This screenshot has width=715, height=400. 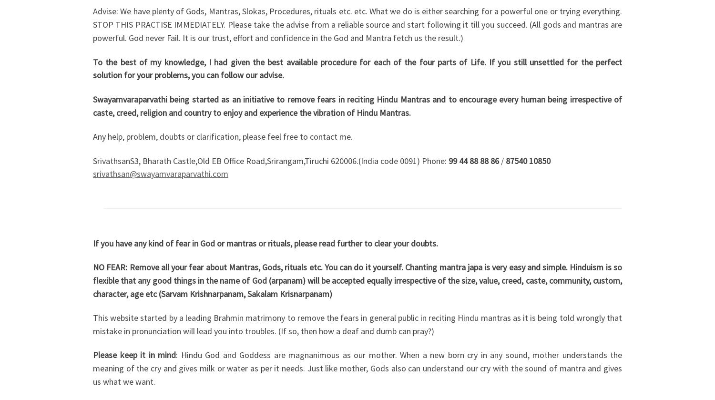 I want to click on '99 44 88 88 86', so click(x=473, y=160).